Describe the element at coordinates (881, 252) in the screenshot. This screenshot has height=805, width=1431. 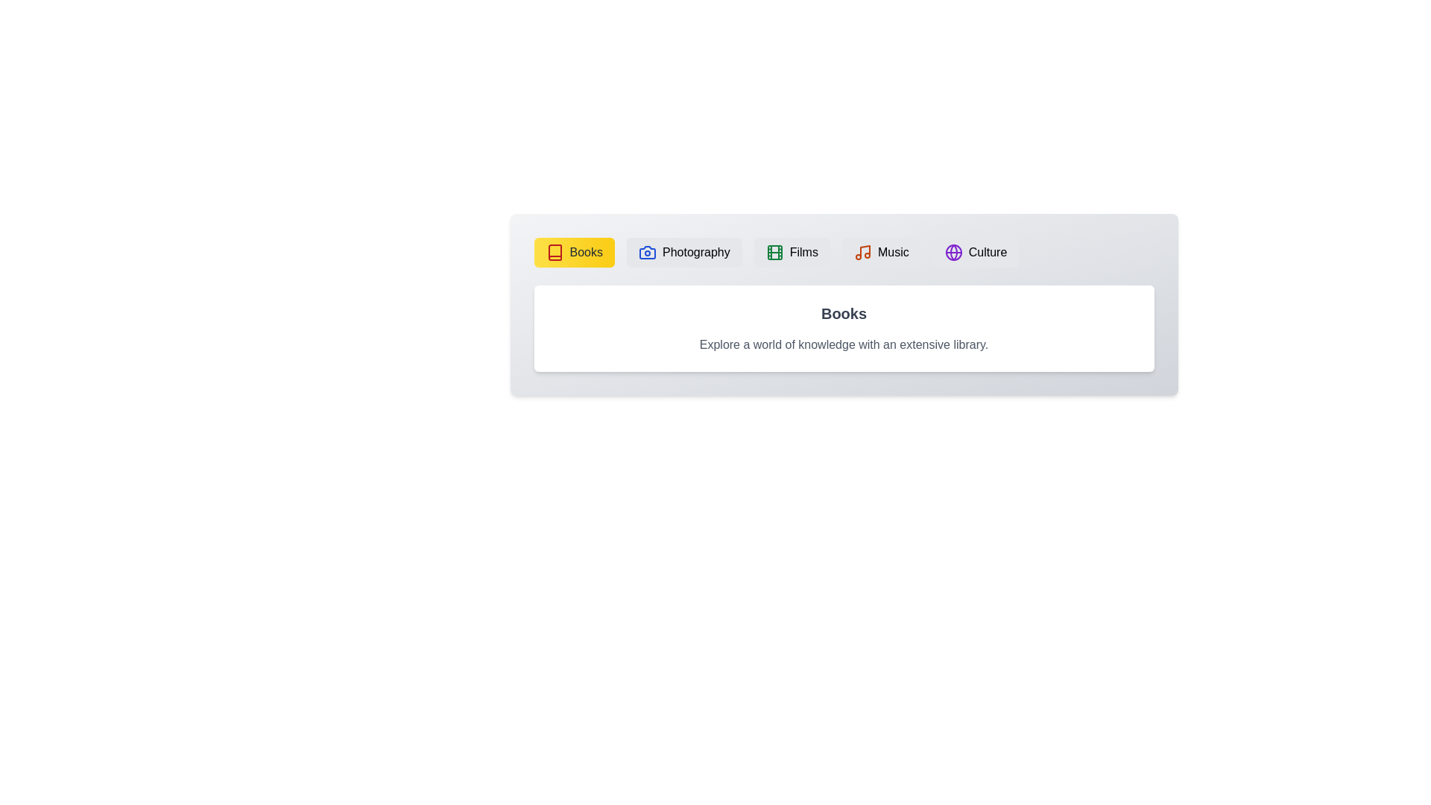
I see `the tab labeled Music` at that location.